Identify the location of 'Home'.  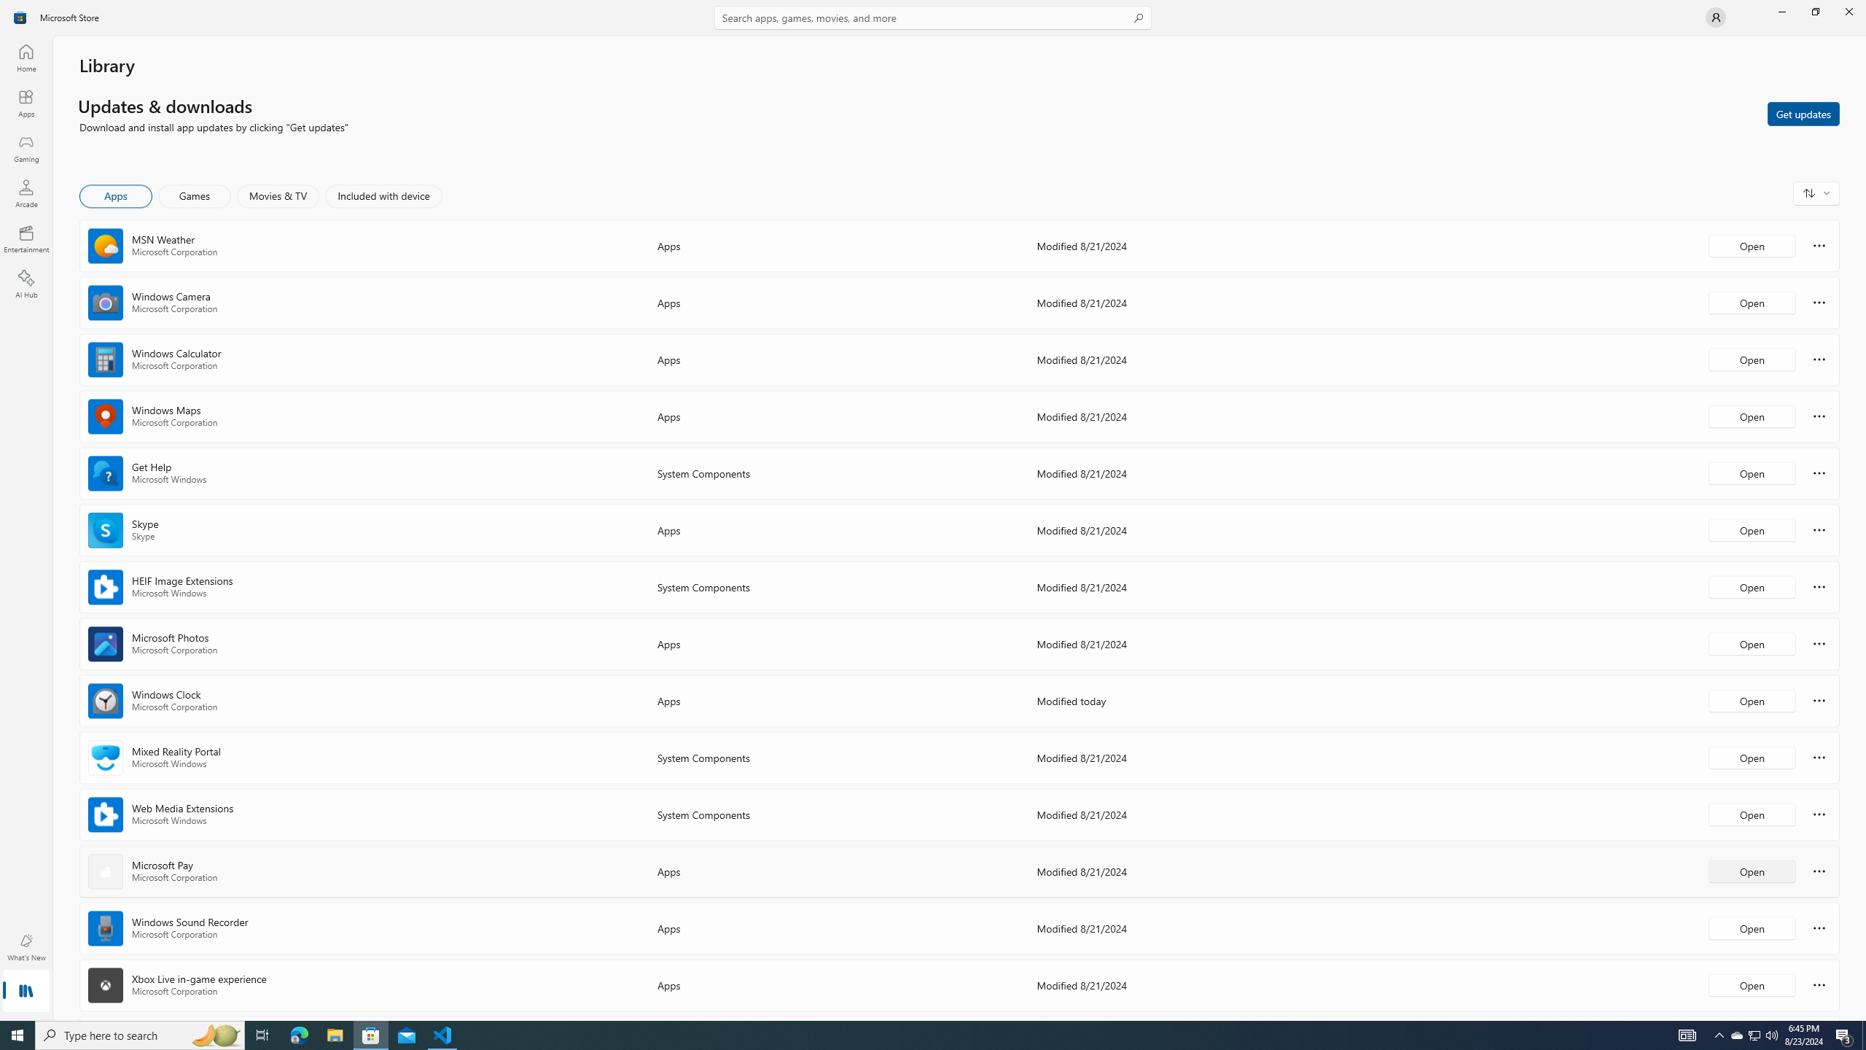
(25, 57).